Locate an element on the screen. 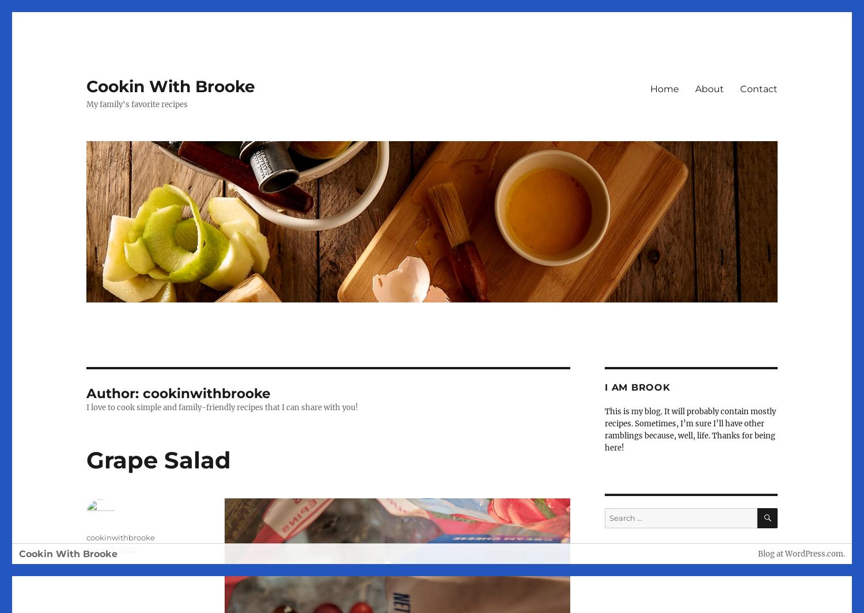 The height and width of the screenshot is (613, 864). 'Contact' is located at coordinates (740, 88).